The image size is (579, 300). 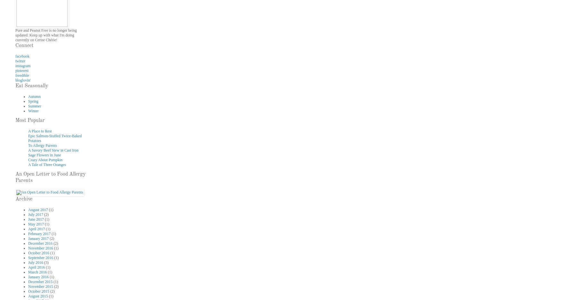 What do you see at coordinates (28, 272) in the screenshot?
I see `'March 2016'` at bounding box center [28, 272].